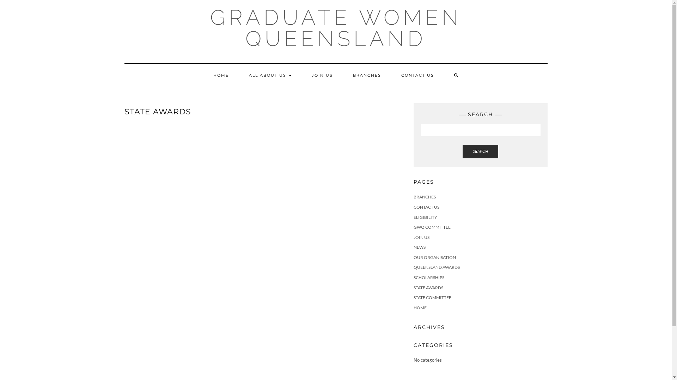 The image size is (677, 380). I want to click on 'STATE COMMITTEE', so click(432, 297).